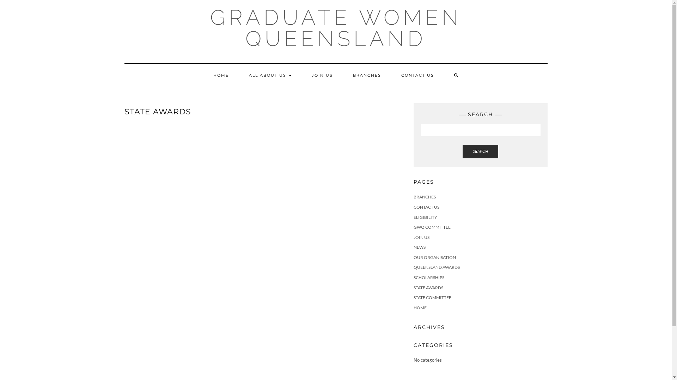 The image size is (677, 380). I want to click on 'STATE COMMITTEE', so click(432, 297).